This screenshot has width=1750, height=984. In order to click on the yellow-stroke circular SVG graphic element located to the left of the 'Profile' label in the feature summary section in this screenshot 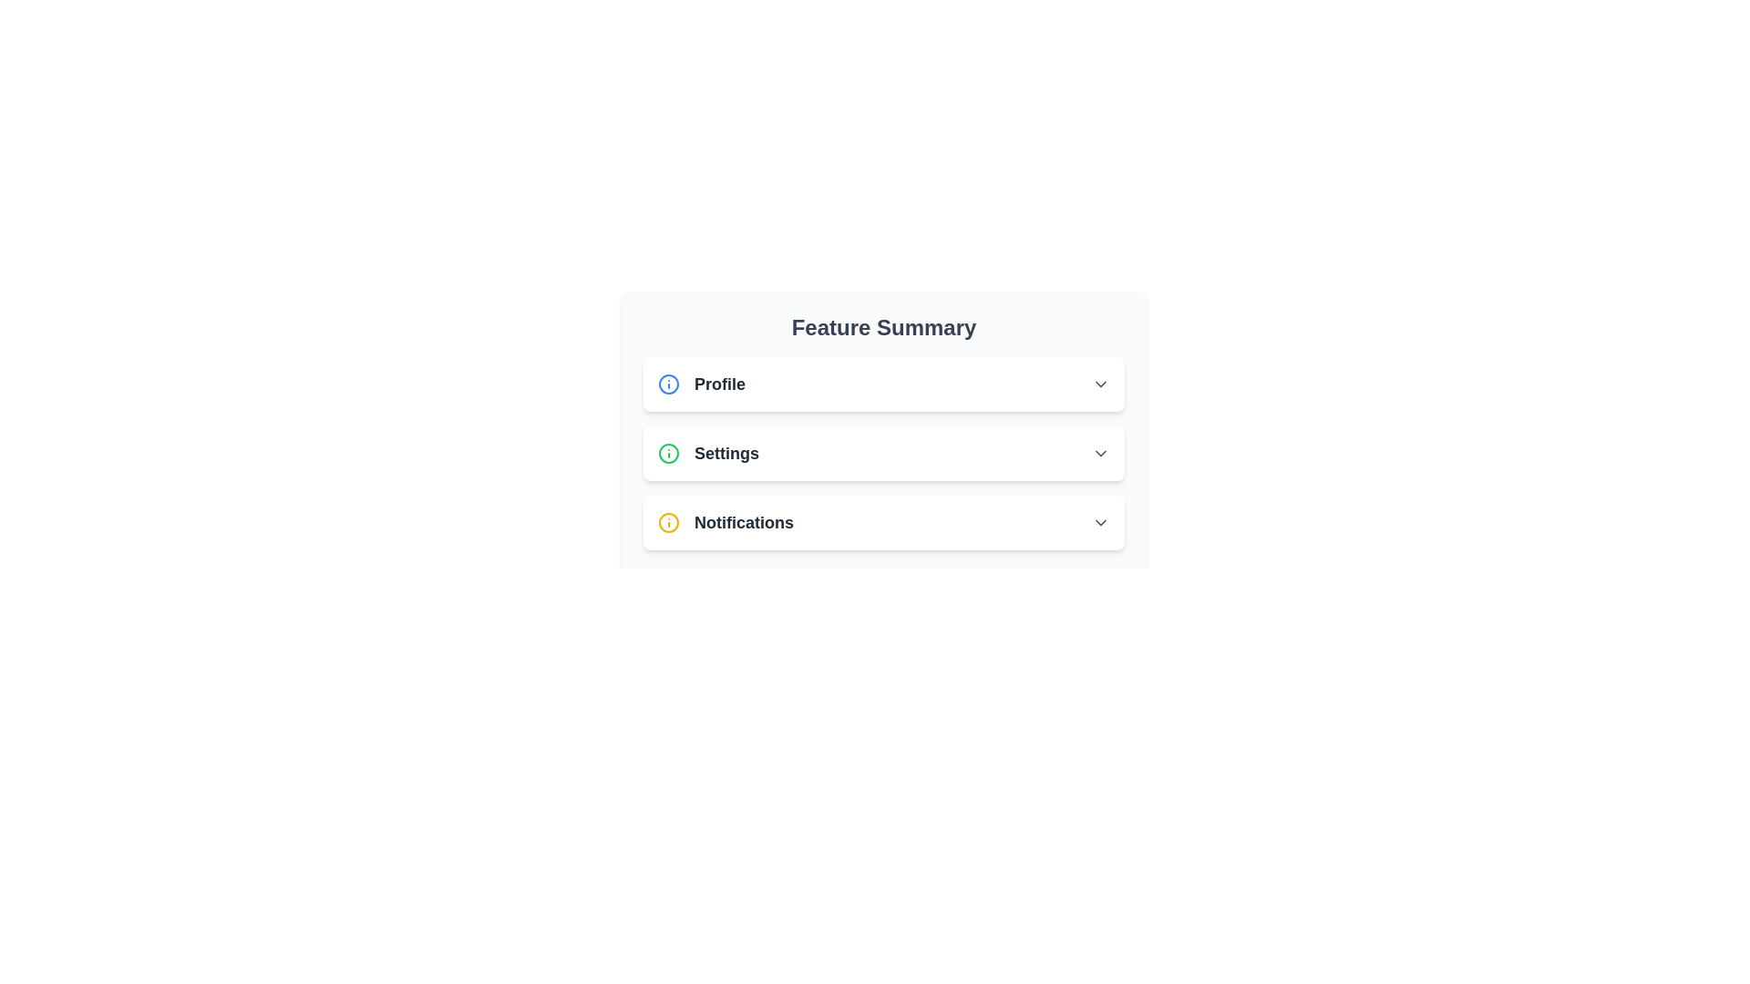, I will do `click(668, 523)`.